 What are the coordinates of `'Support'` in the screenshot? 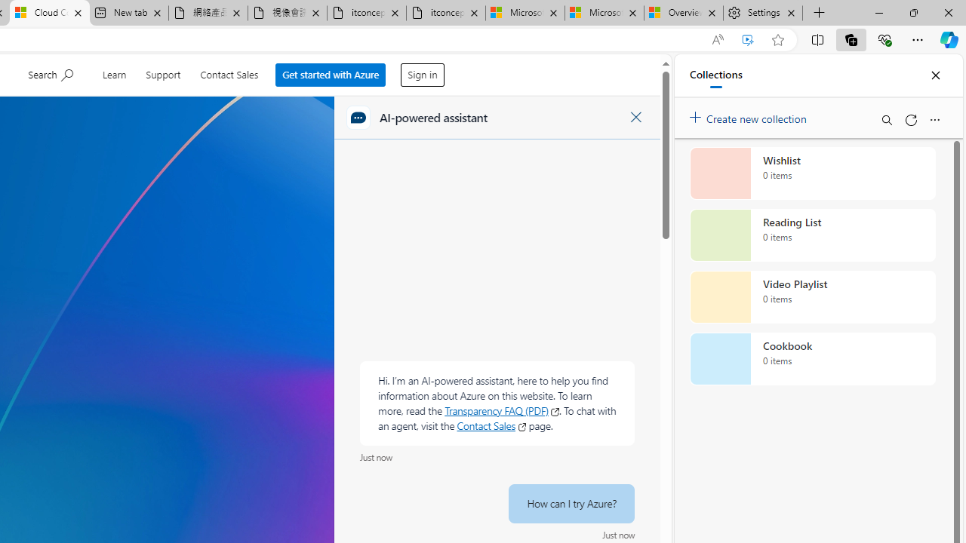 It's located at (163, 72).